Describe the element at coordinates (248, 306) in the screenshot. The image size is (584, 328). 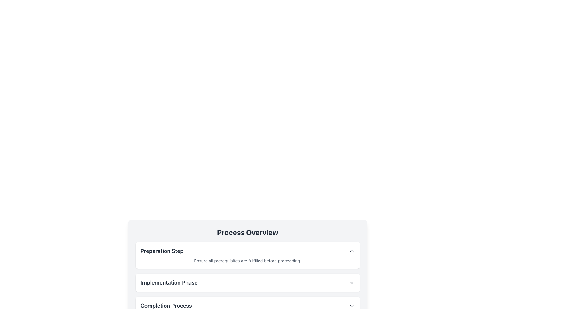
I see `the third entry in the vertical list of accordion-style dropdowns` at that location.